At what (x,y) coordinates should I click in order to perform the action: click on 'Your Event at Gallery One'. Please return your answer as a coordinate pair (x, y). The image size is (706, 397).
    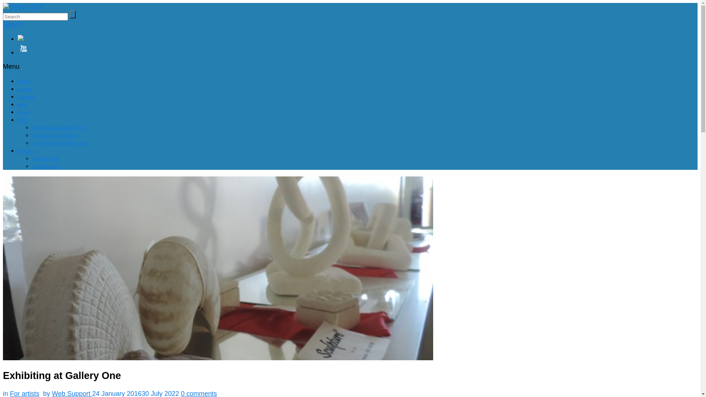
    Looking at the image, I should click on (32, 143).